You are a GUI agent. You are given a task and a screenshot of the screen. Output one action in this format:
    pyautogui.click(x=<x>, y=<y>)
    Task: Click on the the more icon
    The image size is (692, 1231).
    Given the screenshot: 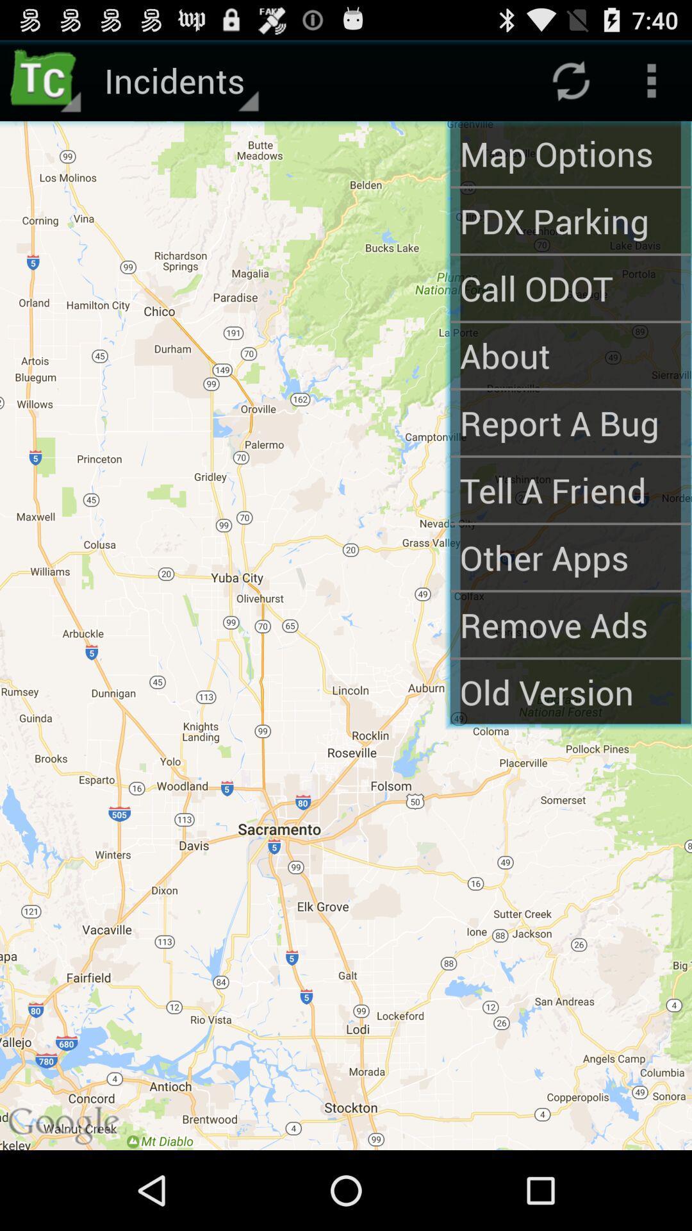 What is the action you would take?
    pyautogui.click(x=652, y=85)
    